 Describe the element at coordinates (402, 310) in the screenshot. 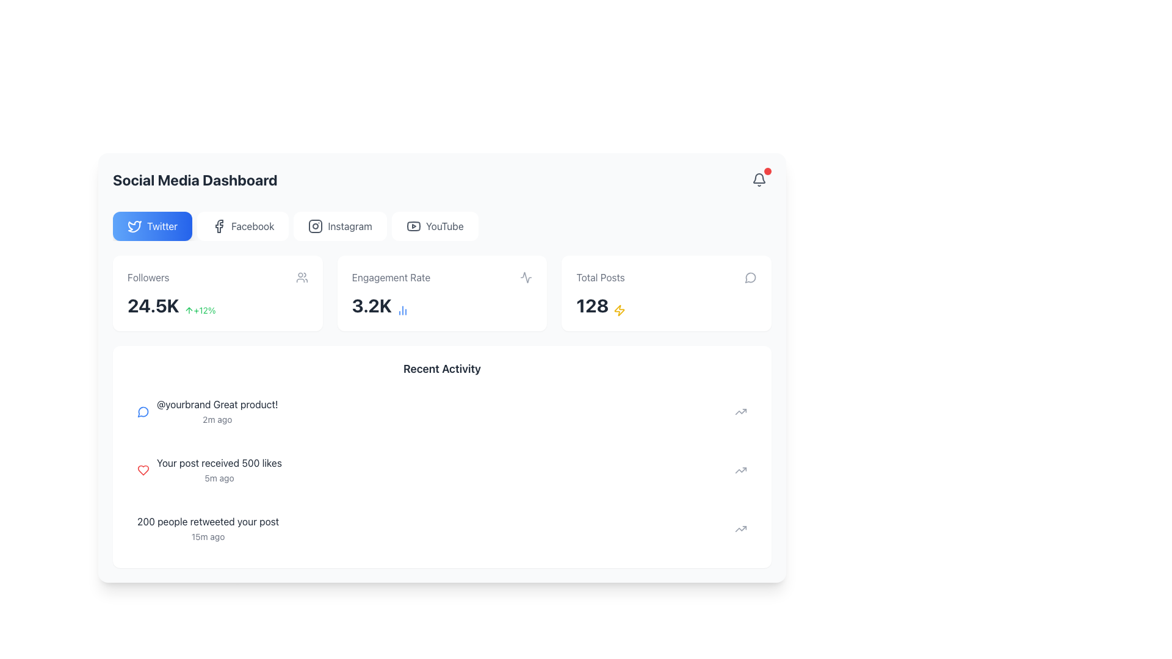

I see `the blue bar chart icon located in the second widget of the dashboard, next to the text '3.2K'` at that location.